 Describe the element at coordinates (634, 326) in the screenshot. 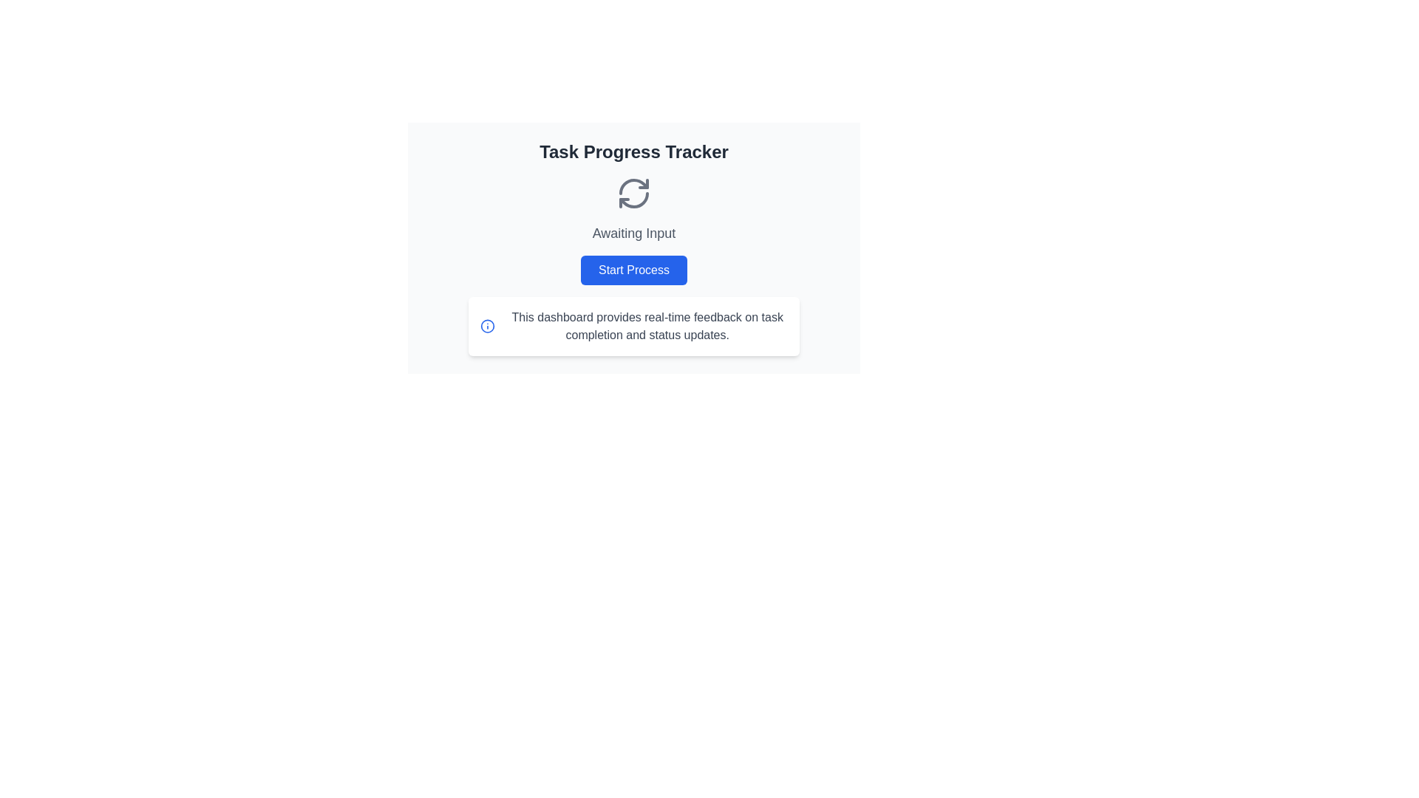

I see `the descriptive text block located beneath the 'Start Process' button in the dashboard interface` at that location.